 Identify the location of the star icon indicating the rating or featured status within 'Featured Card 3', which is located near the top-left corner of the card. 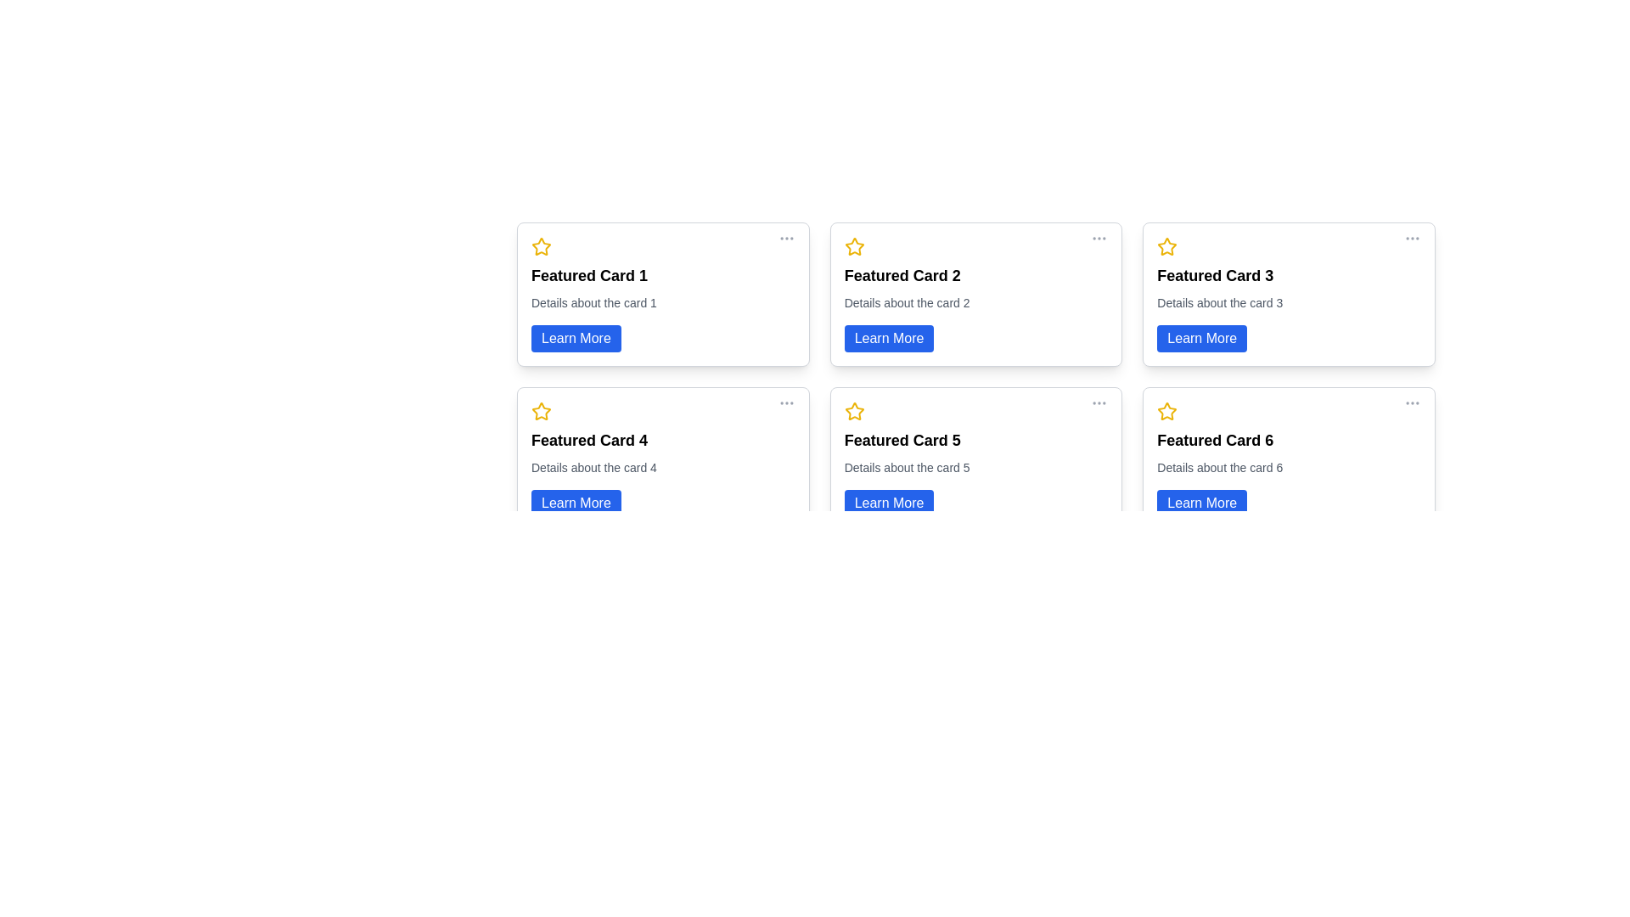
(1166, 246).